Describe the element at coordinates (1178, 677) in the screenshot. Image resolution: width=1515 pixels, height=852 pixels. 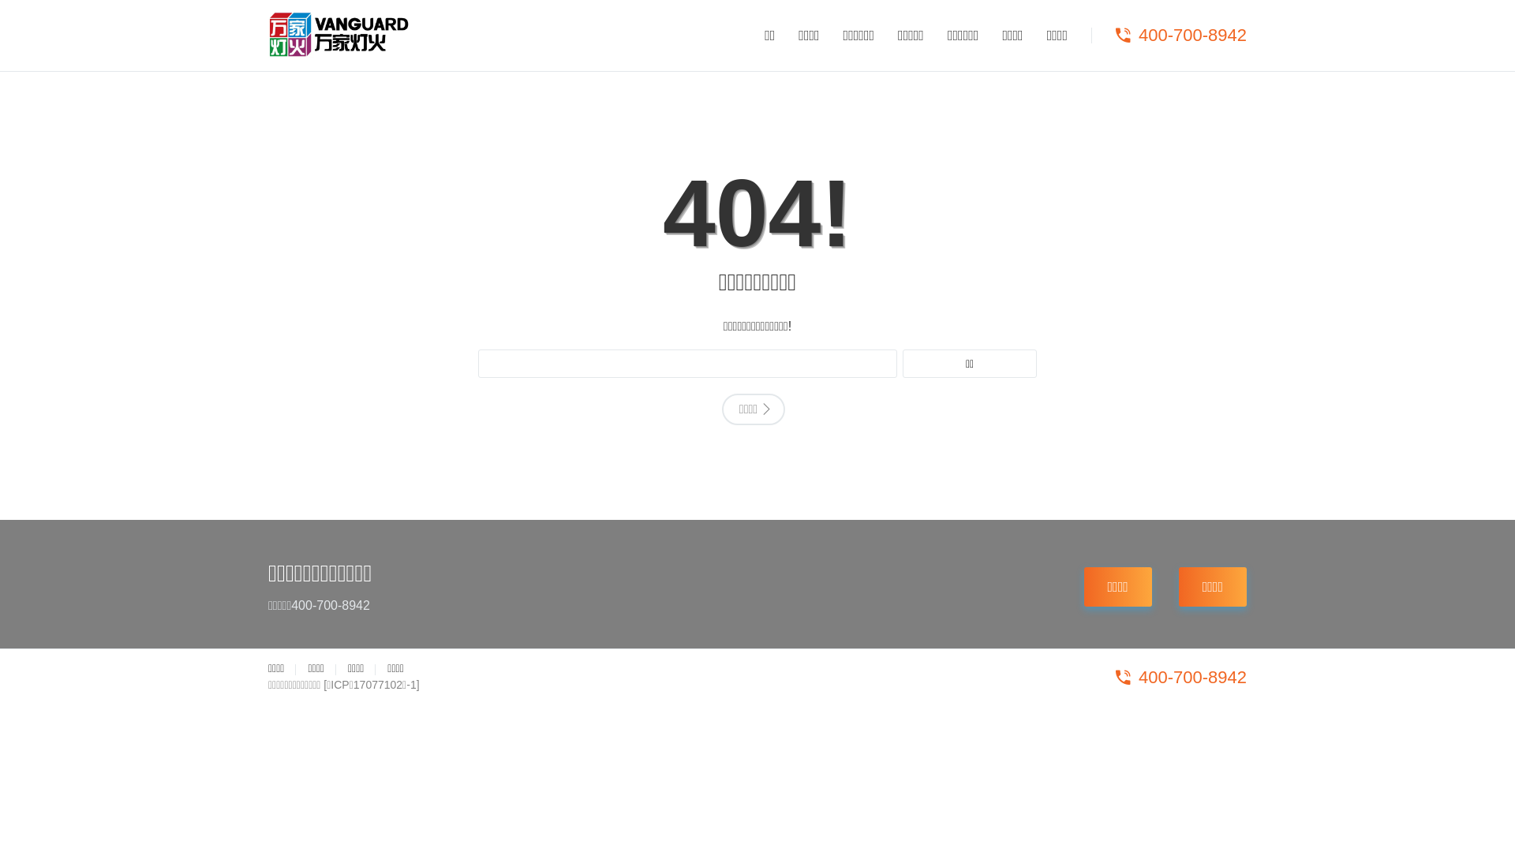
I see `'400-700-8942'` at that location.